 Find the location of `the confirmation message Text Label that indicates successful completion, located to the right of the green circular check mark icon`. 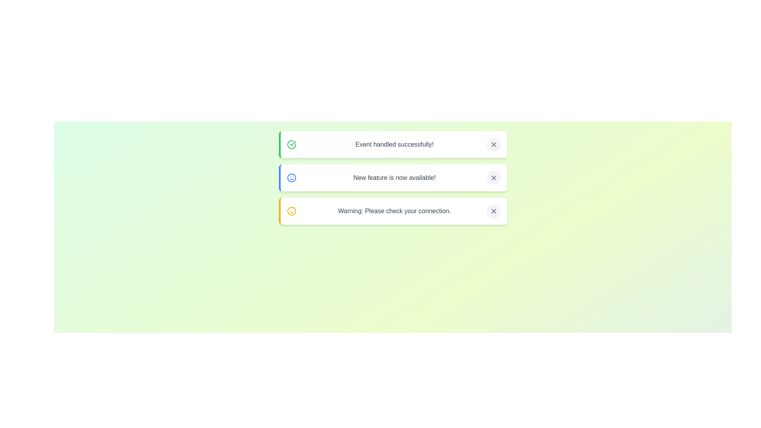

the confirmation message Text Label that indicates successful completion, located to the right of the green circular check mark icon is located at coordinates (394, 145).